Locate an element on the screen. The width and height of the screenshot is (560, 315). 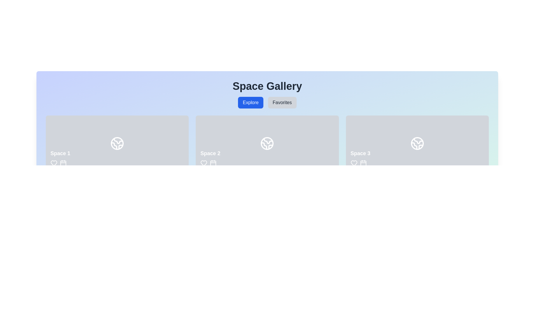
the gallery item labeled 'Space 1', which is the first card in a grid layout located at the top-left corner is located at coordinates (117, 143).